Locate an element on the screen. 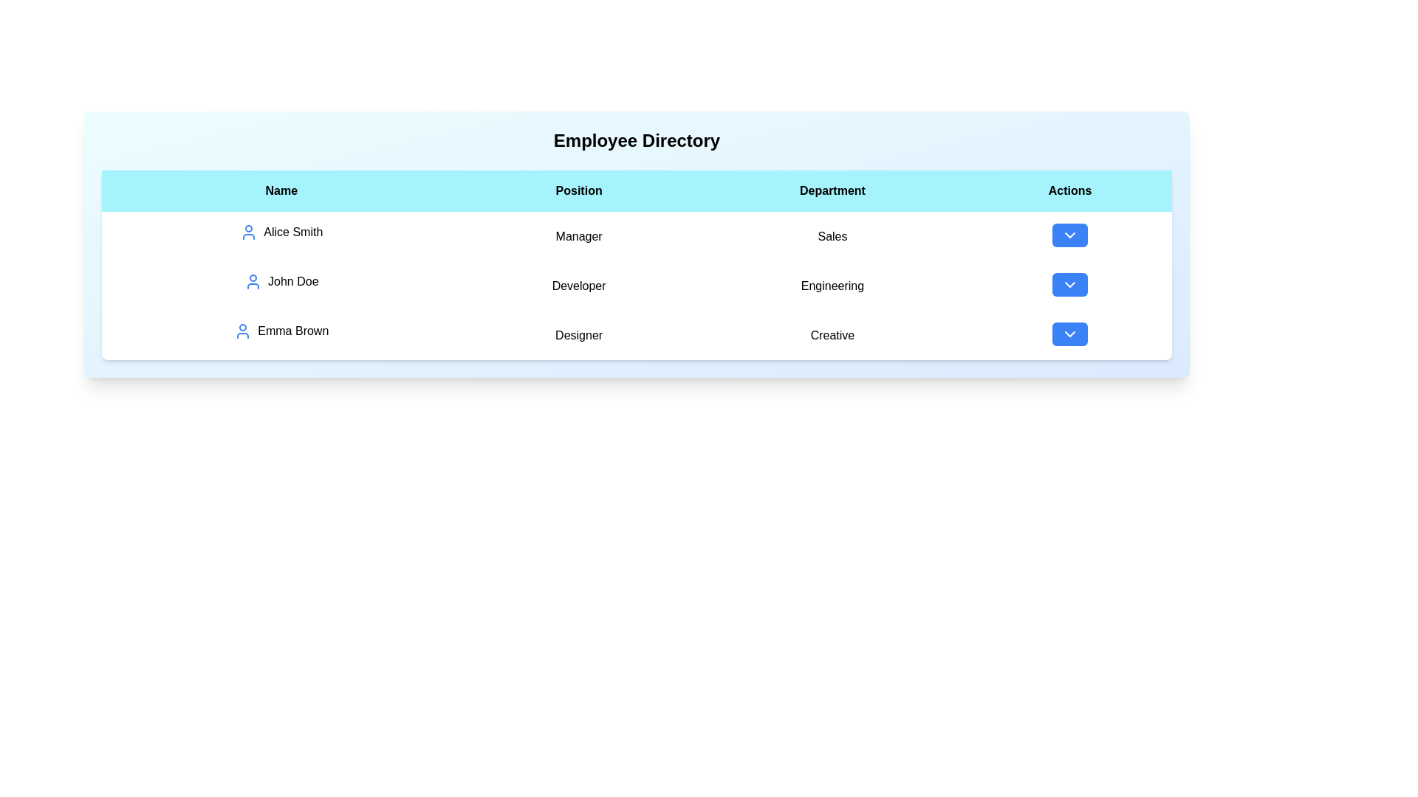 The image size is (1418, 797). the 'Position' header text label, which is the second column header in a table with a light blue background and bold, centered font is located at coordinates (578, 190).